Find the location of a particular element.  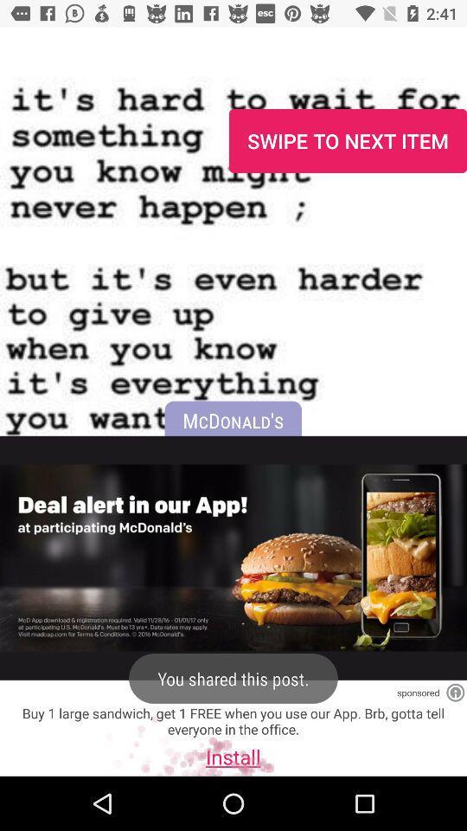

the info icon is located at coordinates (455, 692).